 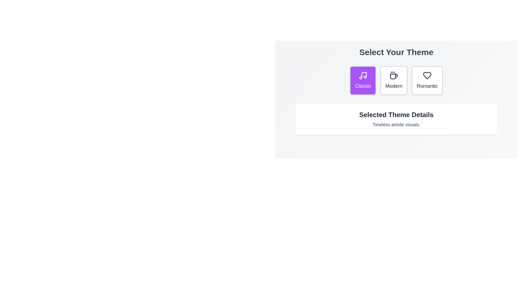 What do you see at coordinates (427, 80) in the screenshot?
I see `the Romantic button to select the corresponding theme` at bounding box center [427, 80].